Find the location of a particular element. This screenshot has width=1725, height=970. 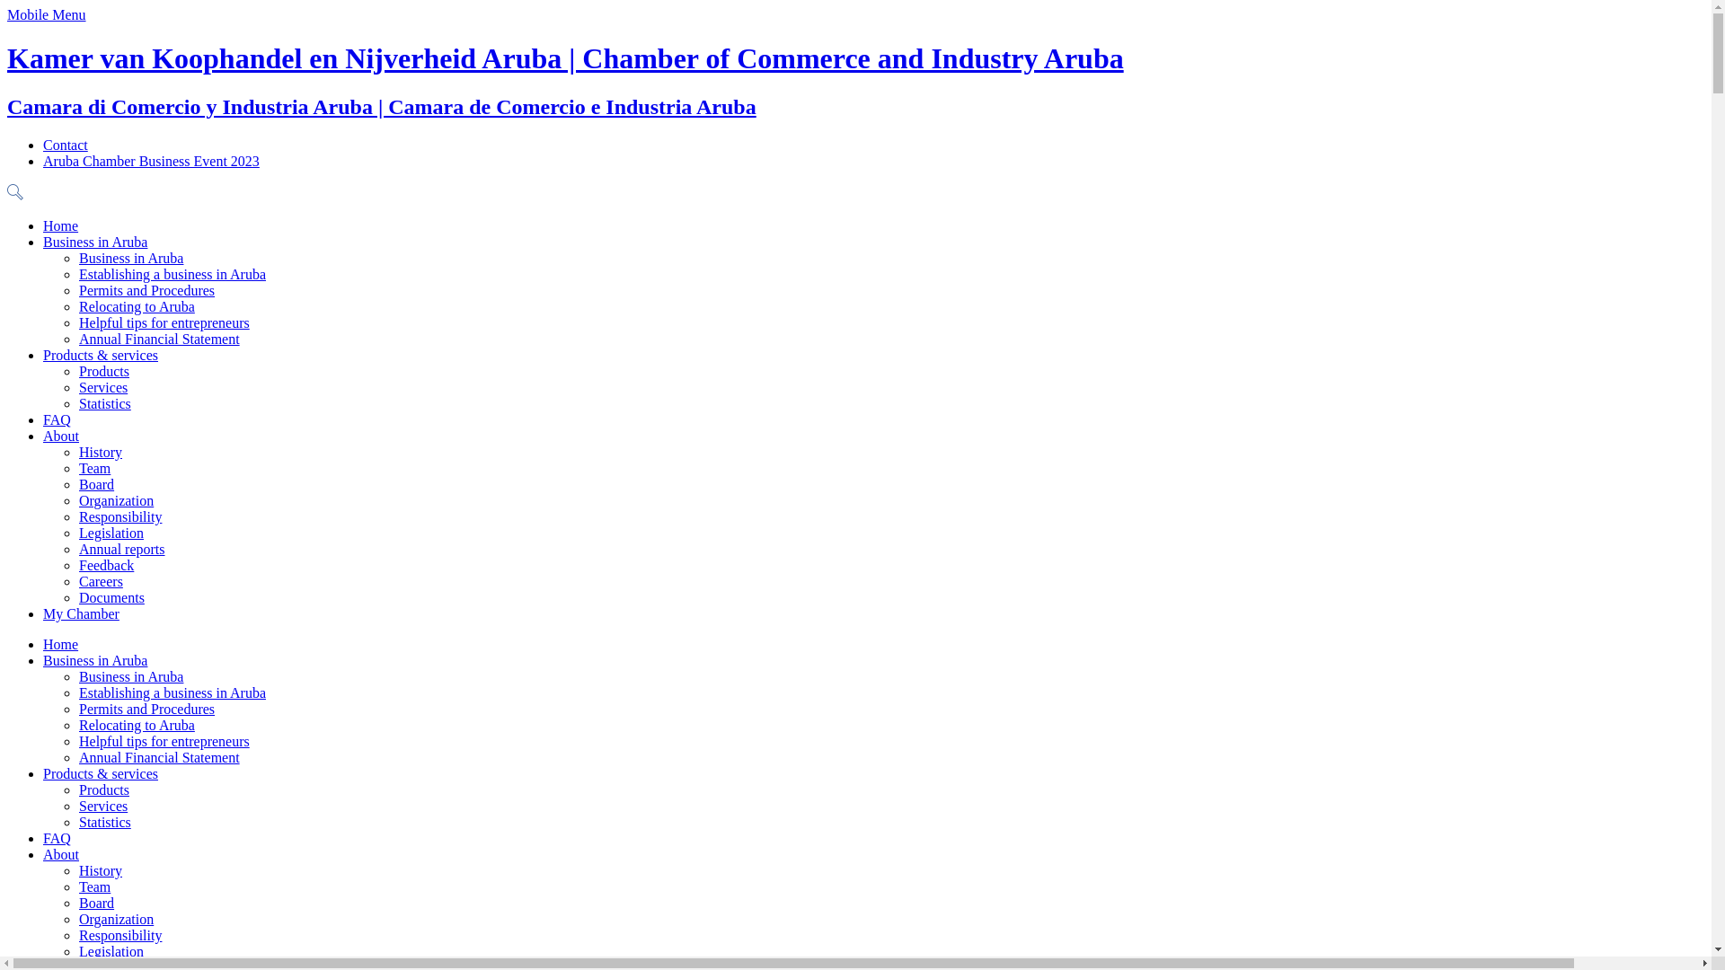

'Careers' is located at coordinates (100, 581).